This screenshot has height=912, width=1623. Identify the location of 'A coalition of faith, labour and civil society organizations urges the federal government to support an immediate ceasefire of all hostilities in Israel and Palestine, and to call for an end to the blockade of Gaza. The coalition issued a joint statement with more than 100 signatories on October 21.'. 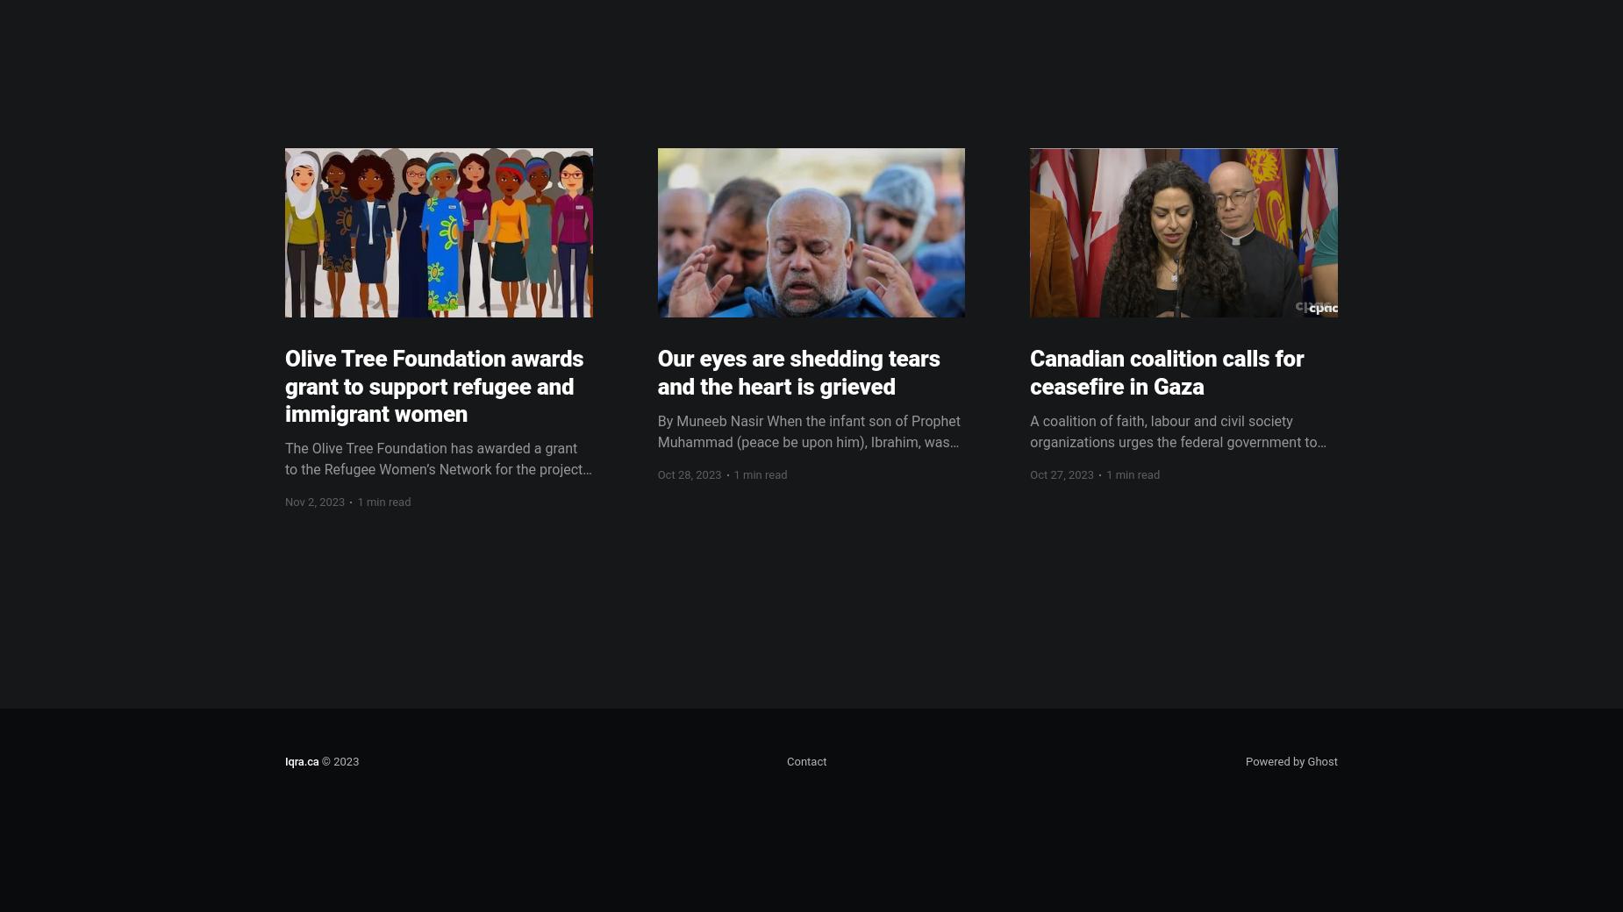
(1181, 482).